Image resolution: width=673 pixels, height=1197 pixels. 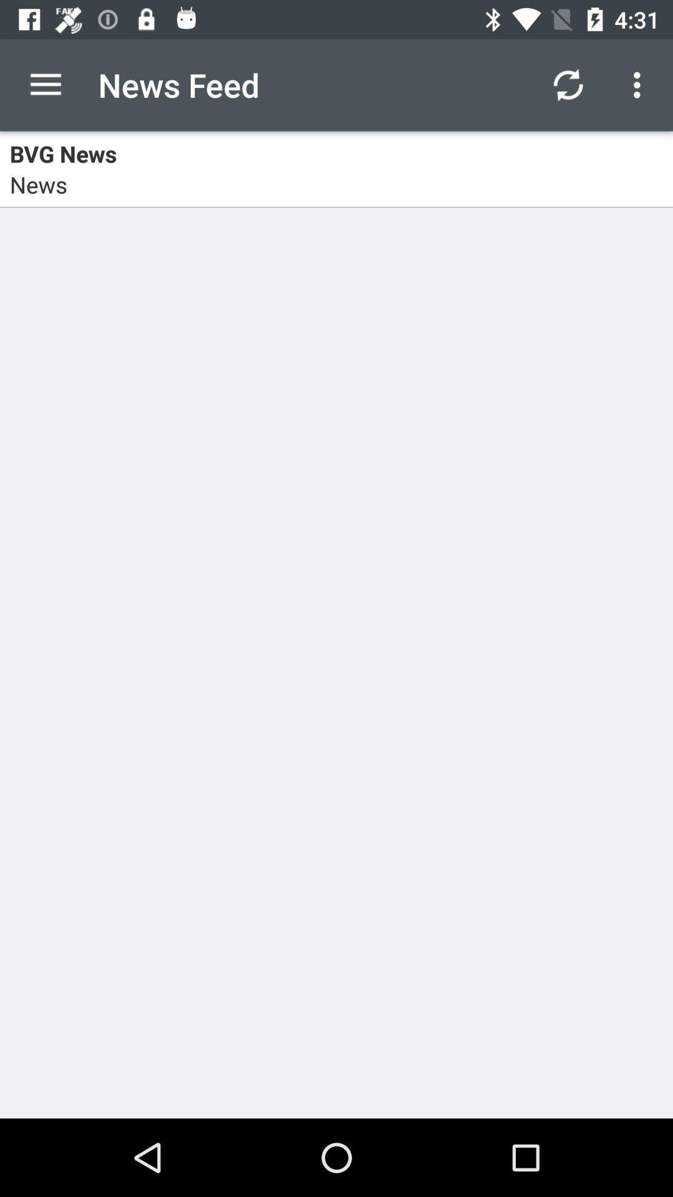 What do you see at coordinates (568, 84) in the screenshot?
I see `icon to the right of the news feed` at bounding box center [568, 84].